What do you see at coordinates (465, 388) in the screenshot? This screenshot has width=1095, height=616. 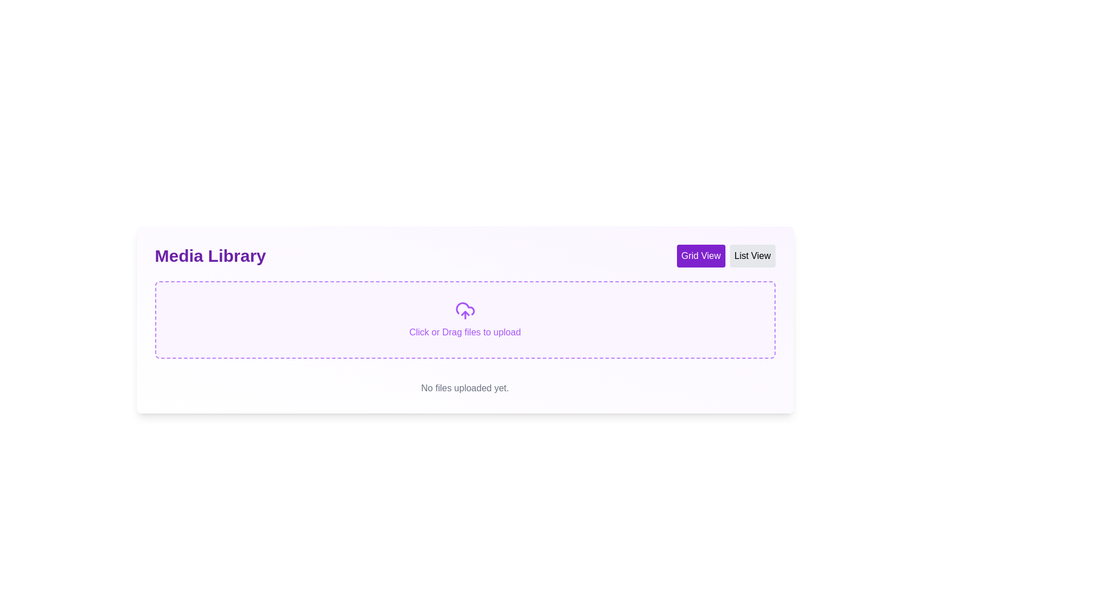 I see `the informational text indicating that no files have been uploaded yet, located at the bottom of the media library interface` at bounding box center [465, 388].